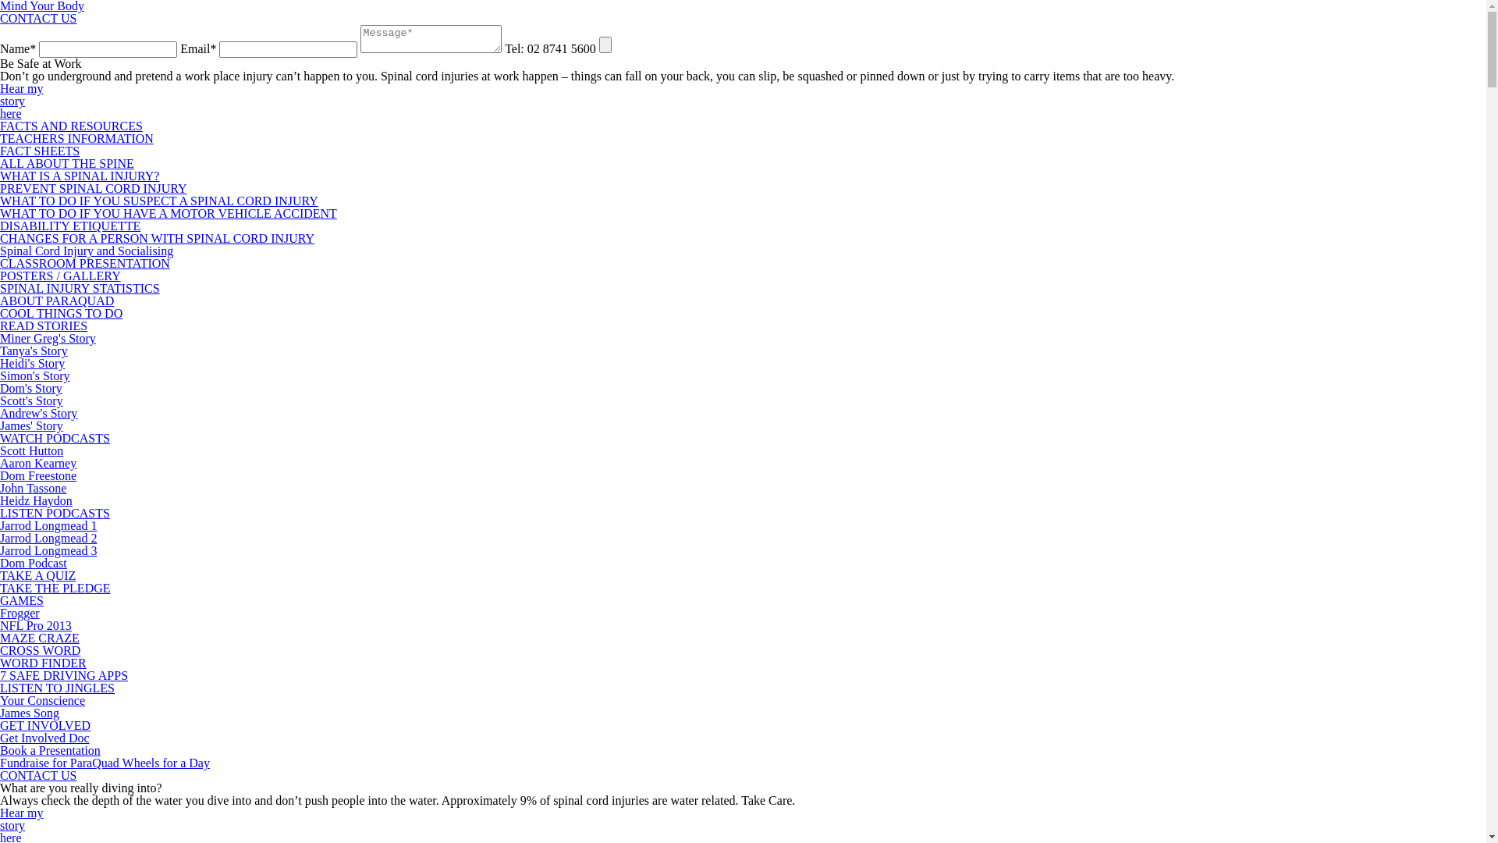  I want to click on 'Your Conscience', so click(42, 699).